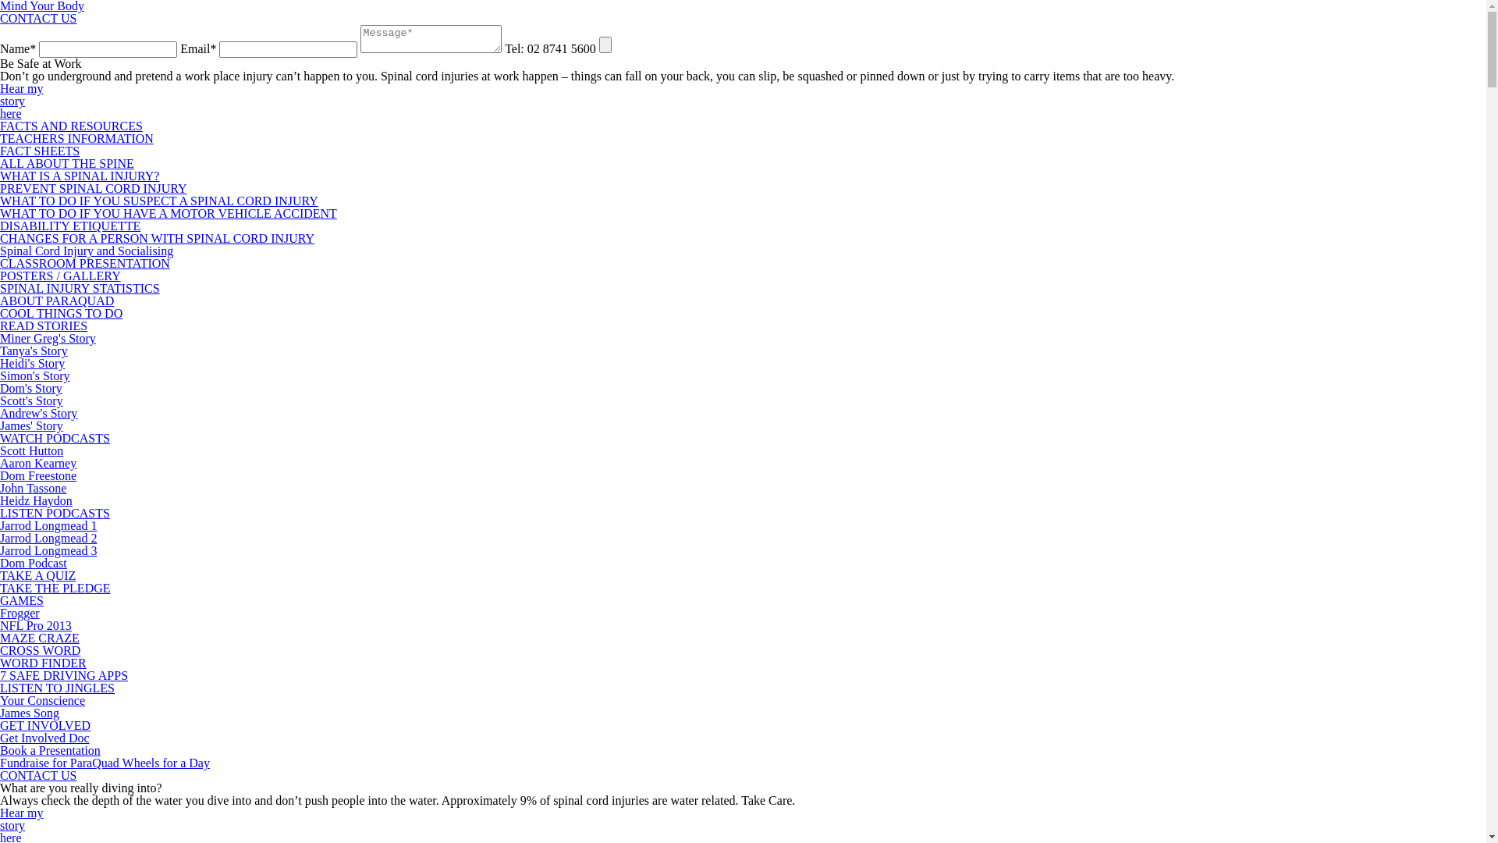  I want to click on 'Your Conscience', so click(42, 699).